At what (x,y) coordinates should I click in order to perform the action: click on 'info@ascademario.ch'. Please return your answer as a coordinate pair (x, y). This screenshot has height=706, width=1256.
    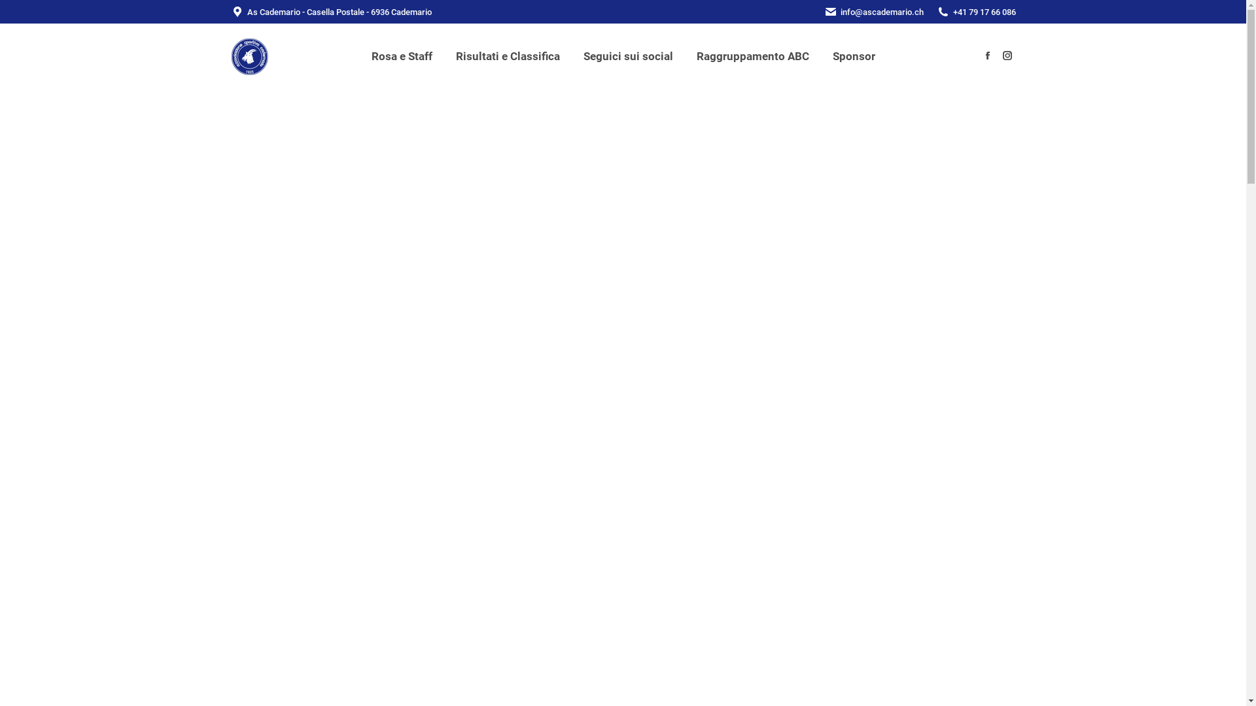
    Looking at the image, I should click on (881, 11).